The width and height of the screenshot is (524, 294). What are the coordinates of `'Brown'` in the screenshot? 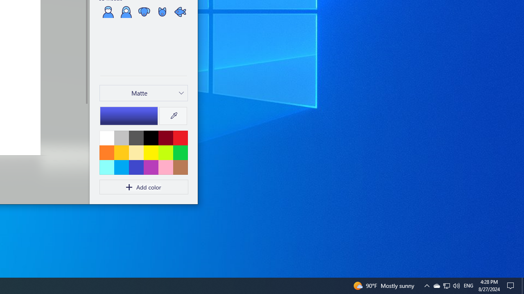 It's located at (180, 167).